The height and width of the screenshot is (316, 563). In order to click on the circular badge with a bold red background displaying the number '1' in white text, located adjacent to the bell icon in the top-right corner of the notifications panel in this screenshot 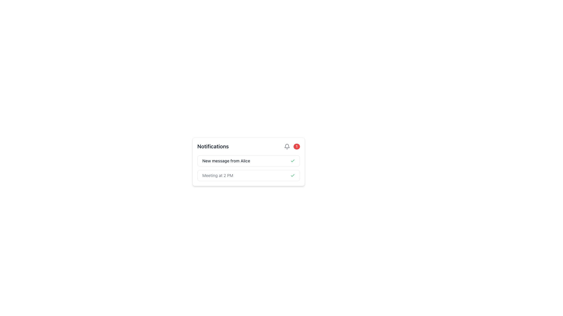, I will do `click(296, 146)`.